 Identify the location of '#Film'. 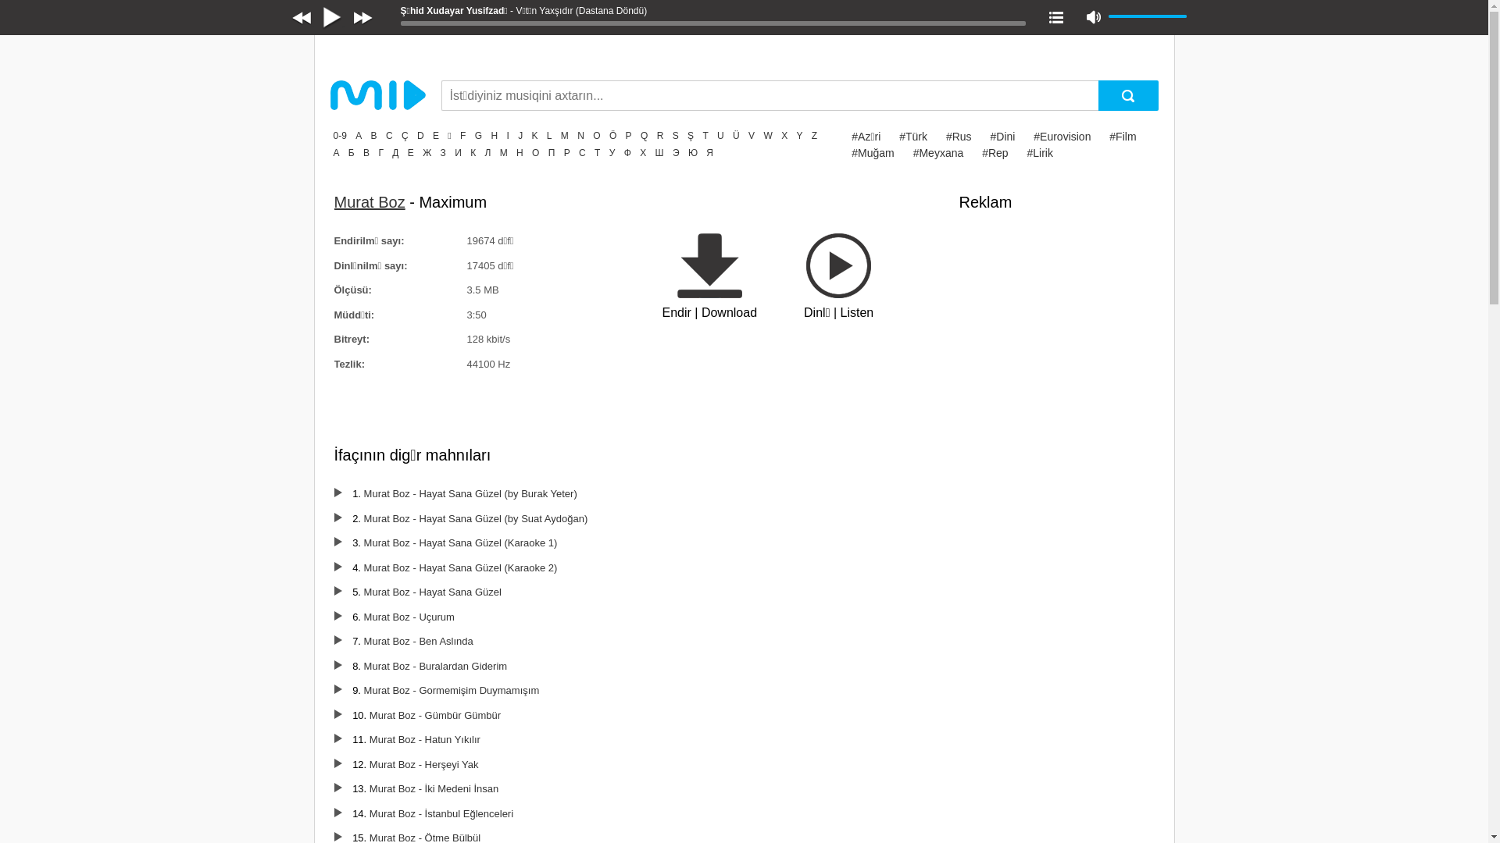
(1121, 135).